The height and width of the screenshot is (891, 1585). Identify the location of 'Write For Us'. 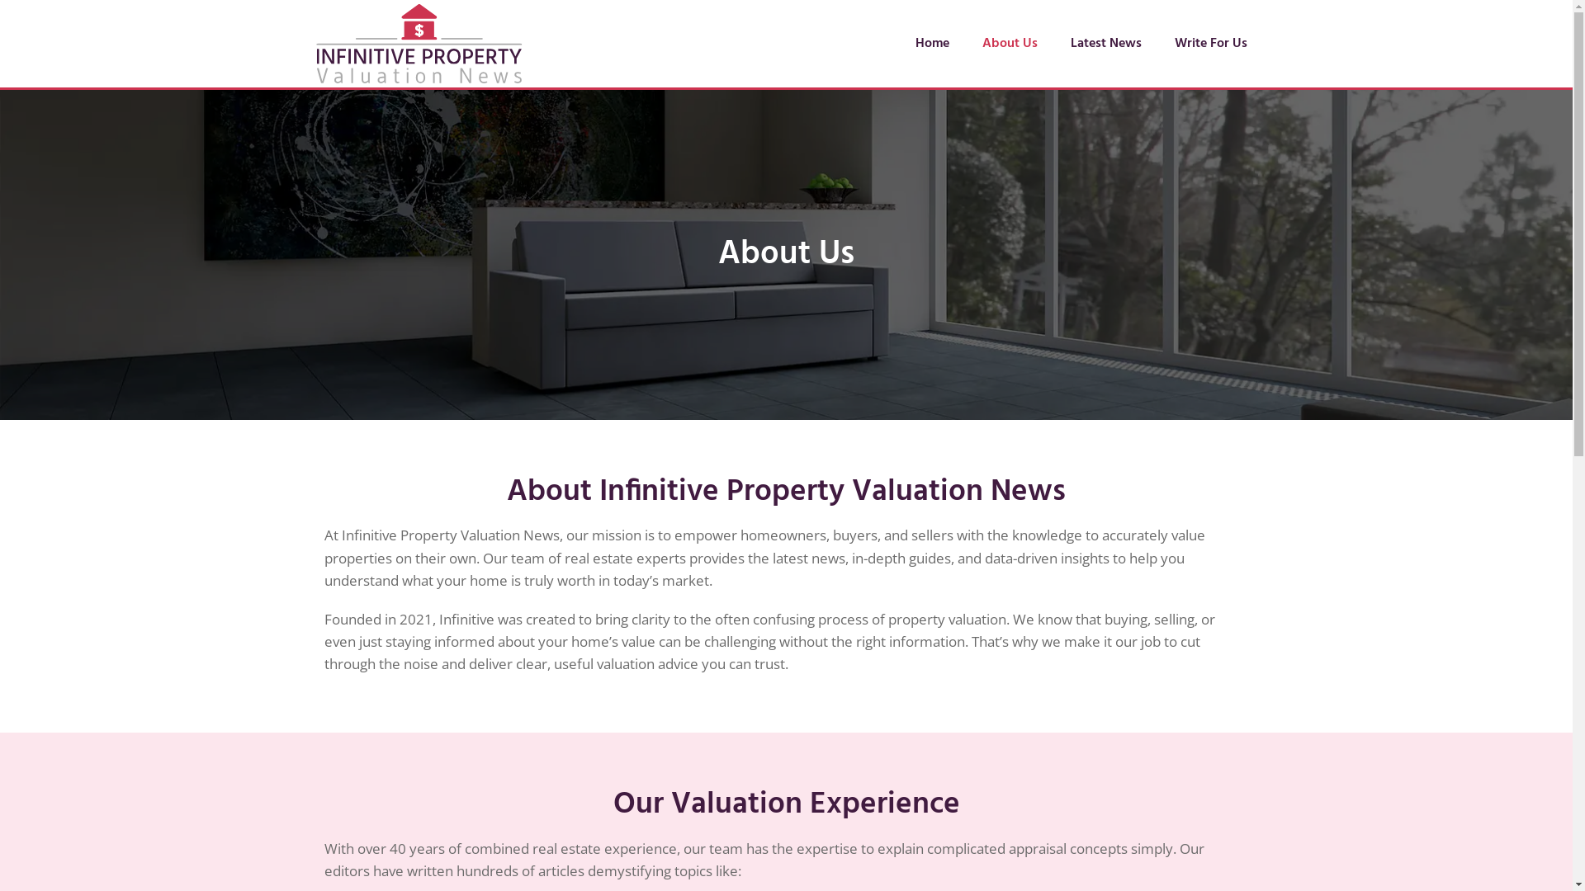
(1165, 43).